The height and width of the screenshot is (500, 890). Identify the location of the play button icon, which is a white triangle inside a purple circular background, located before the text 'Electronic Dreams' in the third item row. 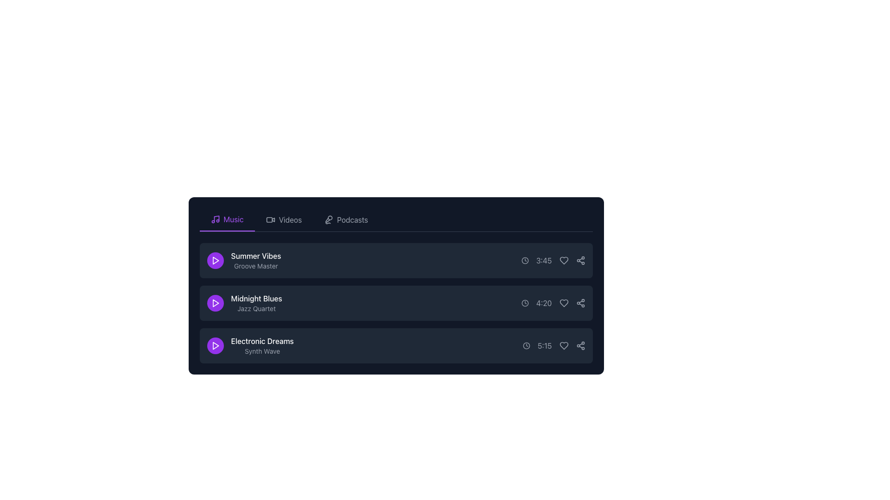
(215, 346).